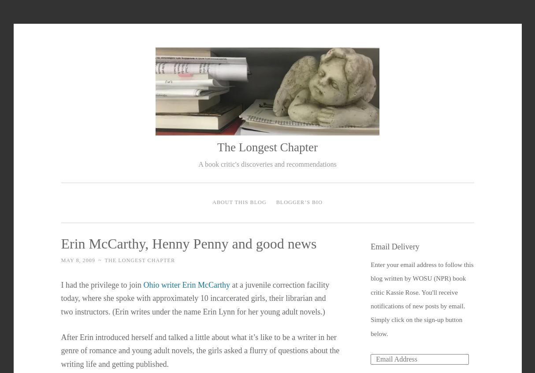 Image resolution: width=535 pixels, height=373 pixels. What do you see at coordinates (60, 242) in the screenshot?
I see `'Erin McCarthy, Henny Penny and good news'` at bounding box center [60, 242].